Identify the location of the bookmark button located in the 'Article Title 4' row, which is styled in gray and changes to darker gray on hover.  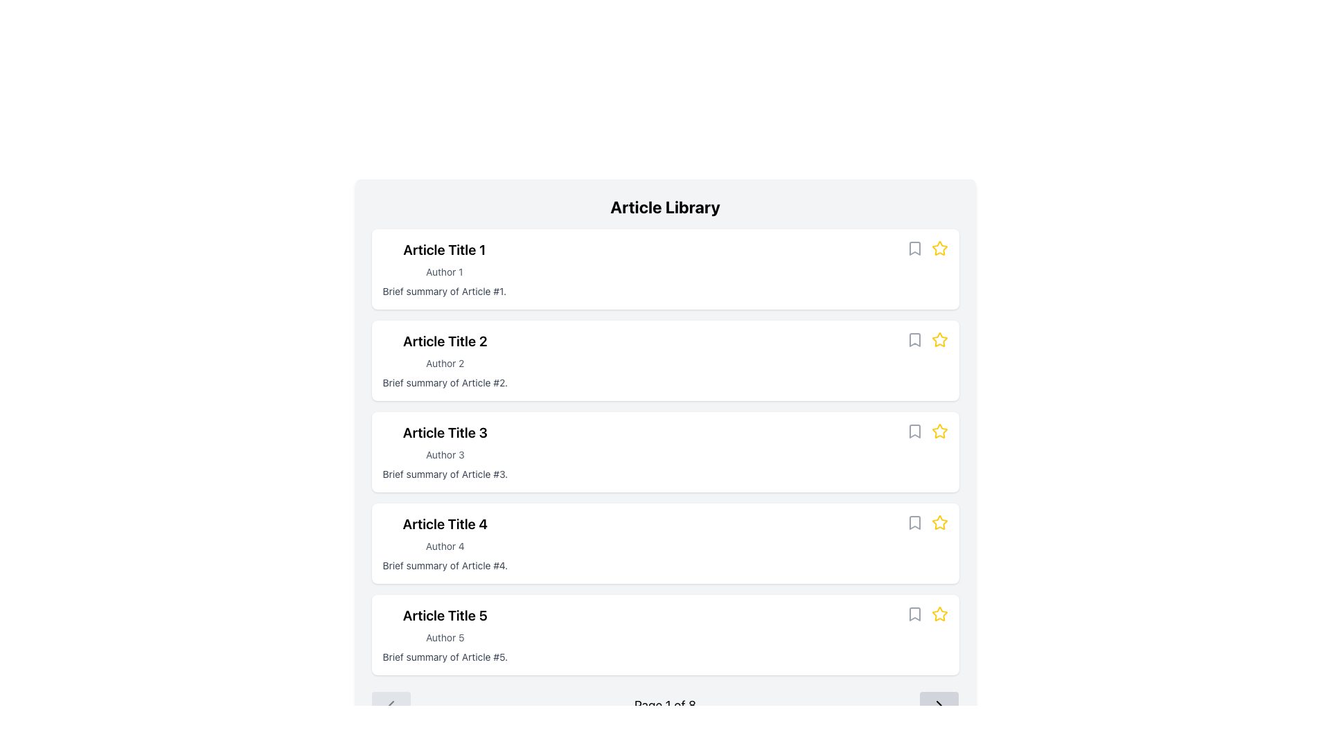
(914, 523).